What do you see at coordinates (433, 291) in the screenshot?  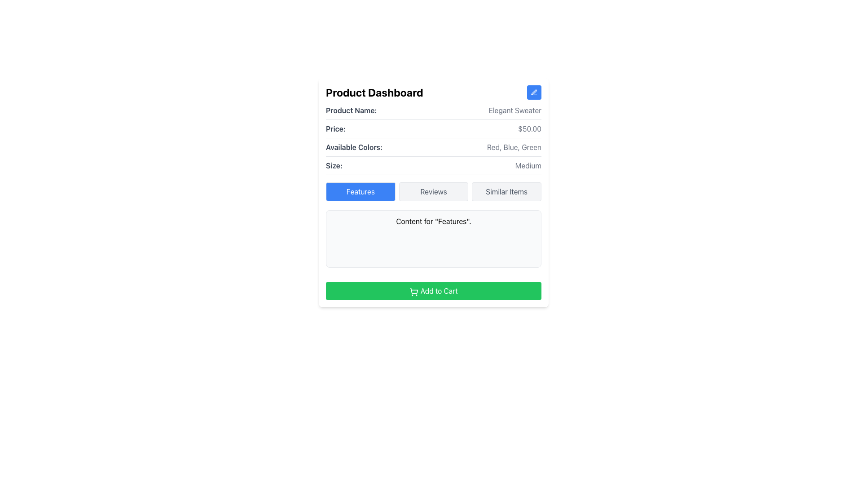 I see `the 'Add to Cart' button located at the bottom center of the 'Product Dashboard' section` at bounding box center [433, 291].